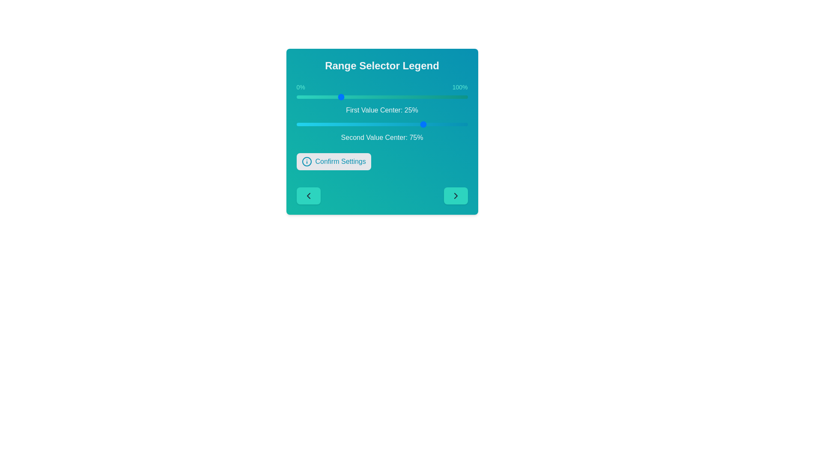  I want to click on the teal button with a leftward chevron icon, so click(308, 196).